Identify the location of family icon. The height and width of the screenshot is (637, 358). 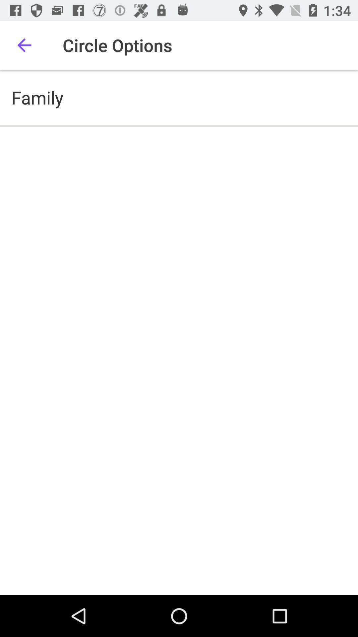
(37, 97).